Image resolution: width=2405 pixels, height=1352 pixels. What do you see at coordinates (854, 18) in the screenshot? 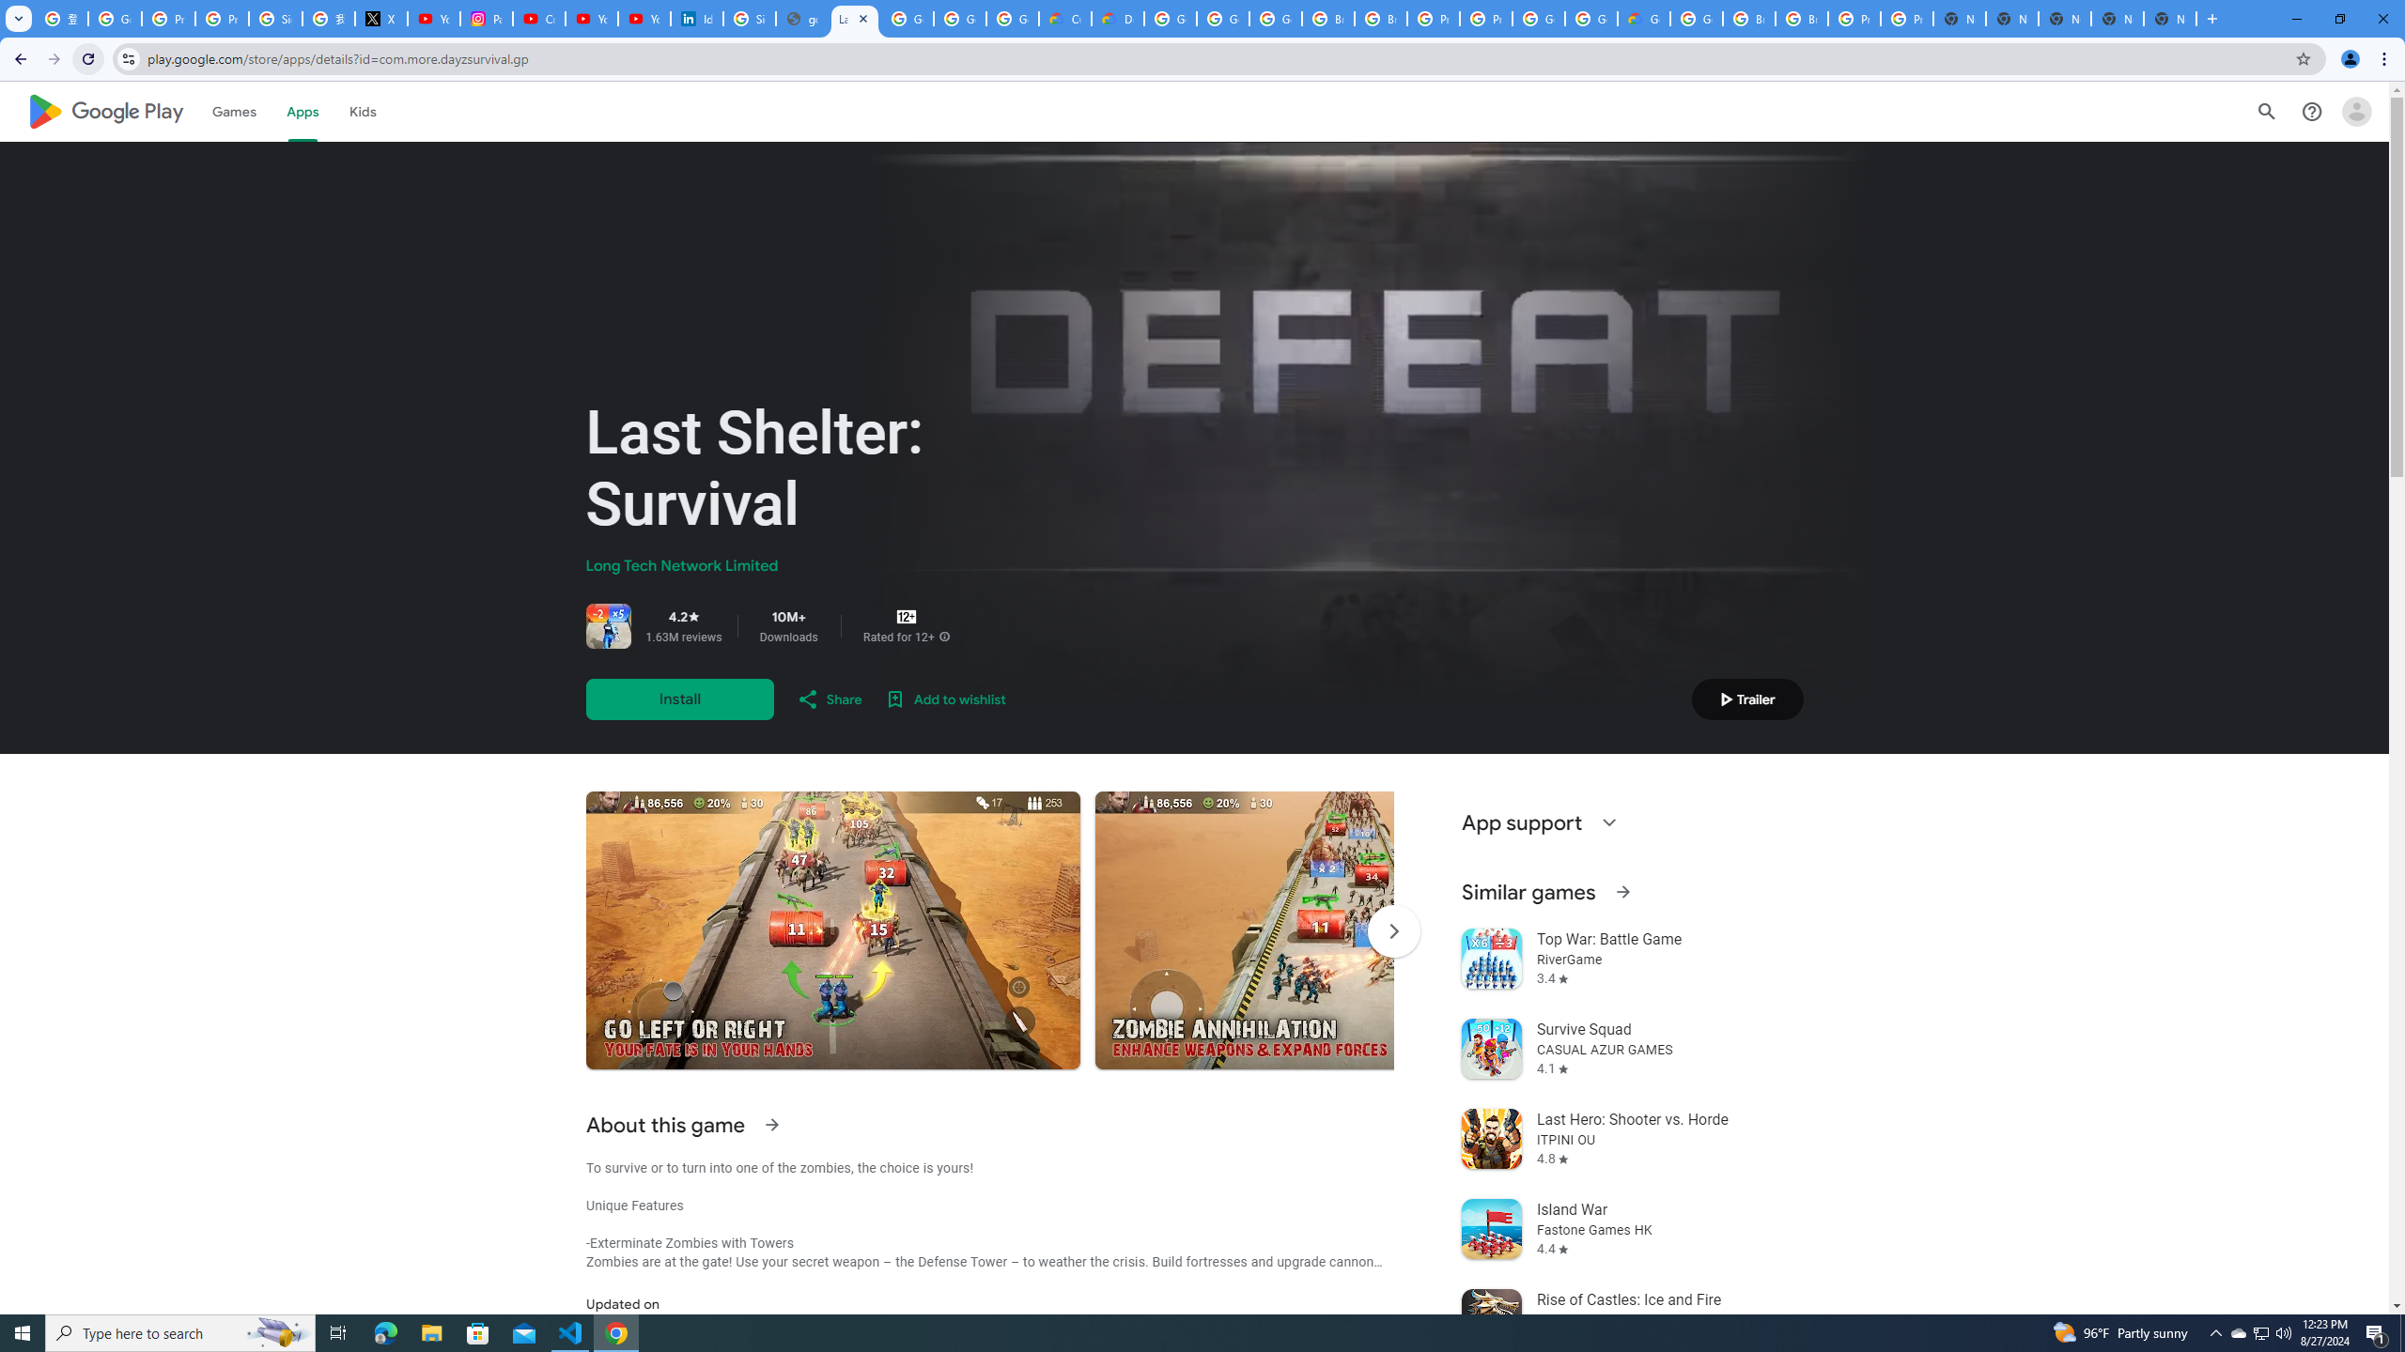
I see `'Last Shelter: Survival - Apps on Google Play'` at bounding box center [854, 18].